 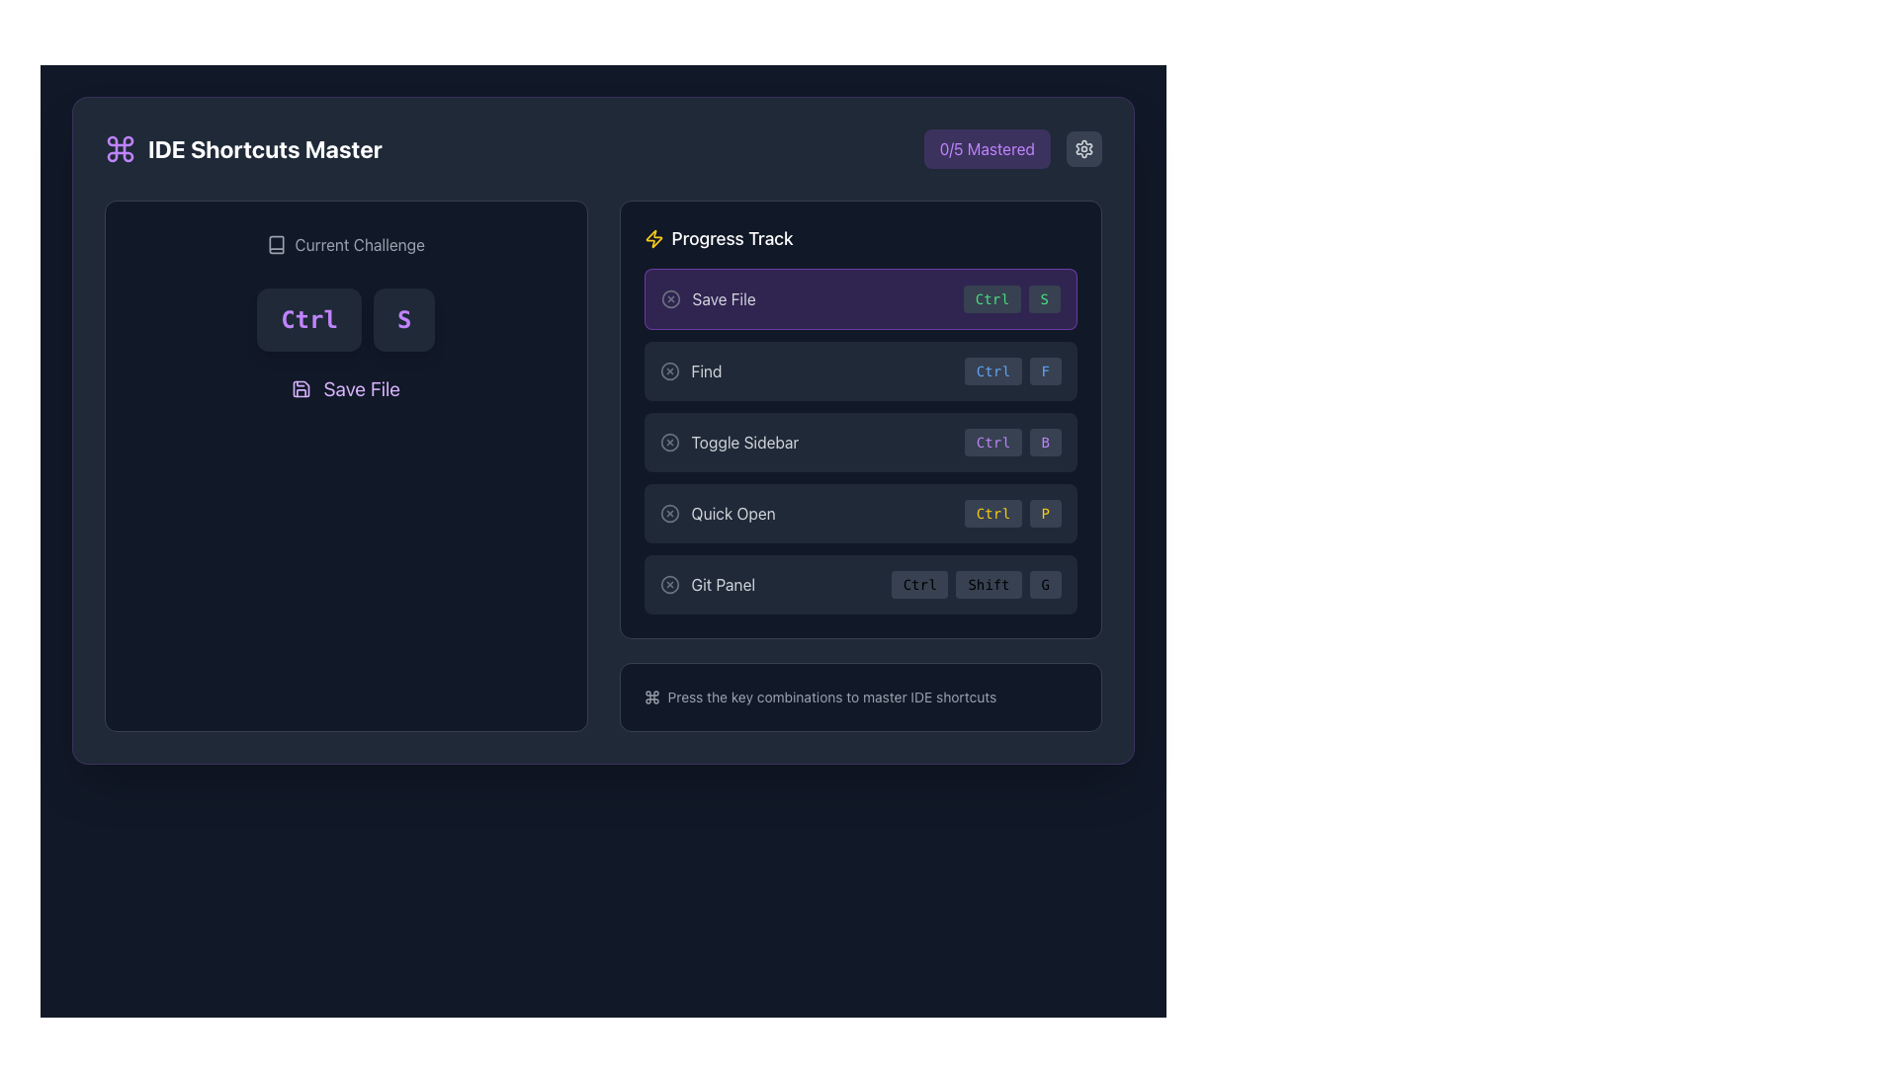 What do you see at coordinates (1044, 583) in the screenshot?
I see `the orange button labeled 'G' located at the bottom-right section of the 'Git Panel' in the 'Progress Track' panel` at bounding box center [1044, 583].